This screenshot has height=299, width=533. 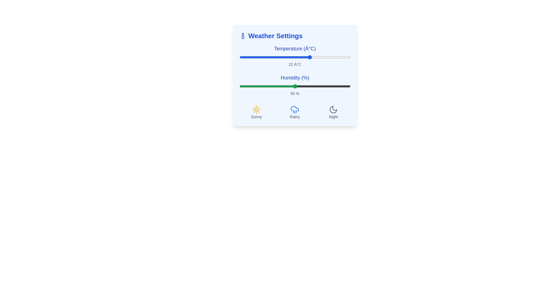 I want to click on the humidity, so click(x=274, y=86).